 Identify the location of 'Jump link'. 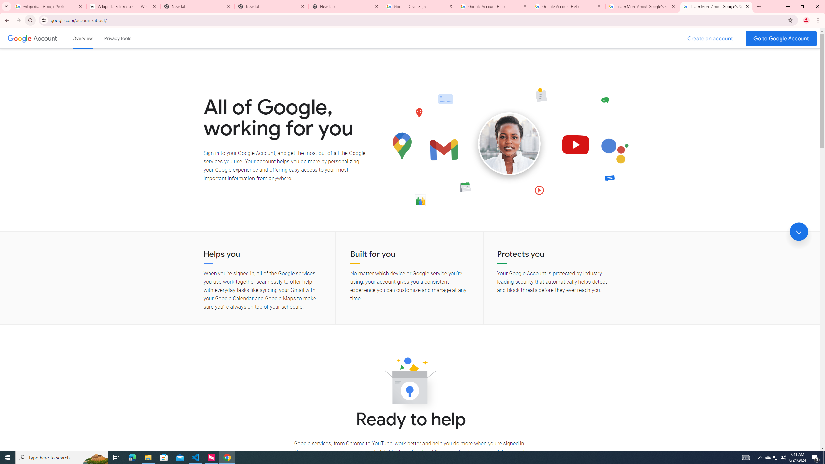
(799, 232).